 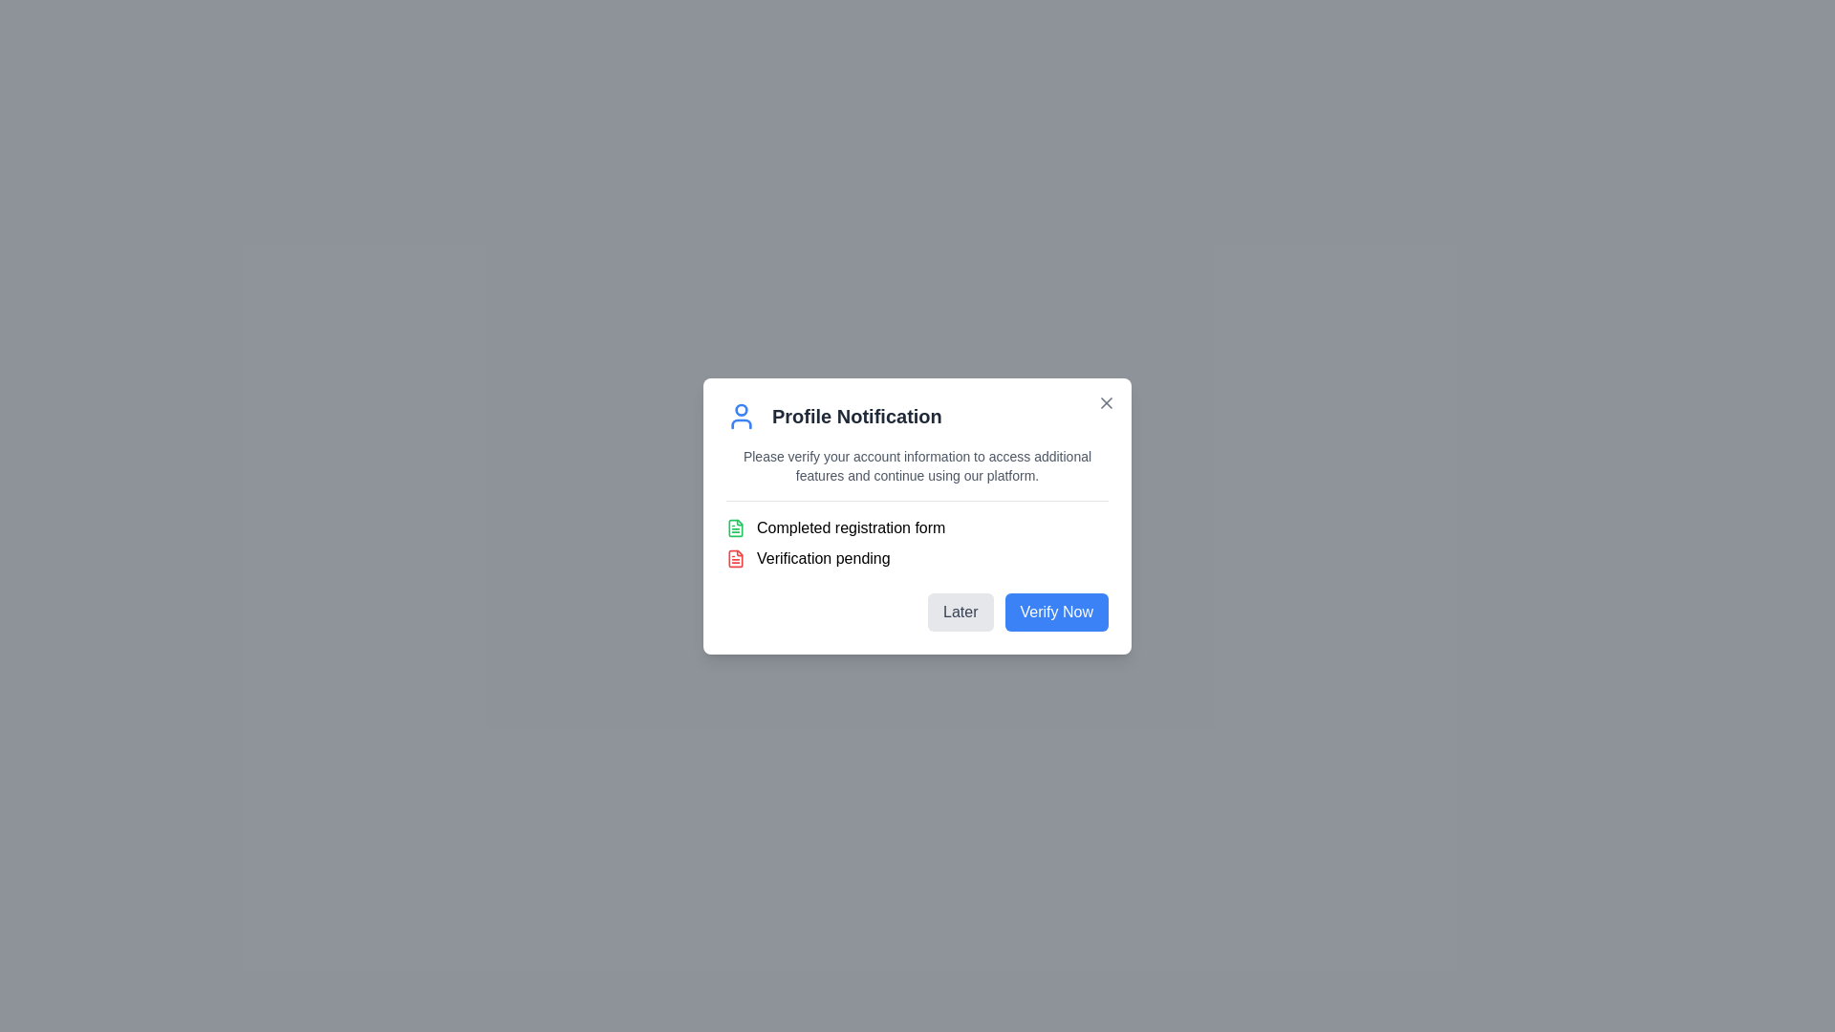 What do you see at coordinates (855, 415) in the screenshot?
I see `the text header 'Profile Notification' styled with a bold serif font in dark gray color, located within a modal window, centered horizontally above a paragraph and to the right of a blue user silhouette icon` at bounding box center [855, 415].